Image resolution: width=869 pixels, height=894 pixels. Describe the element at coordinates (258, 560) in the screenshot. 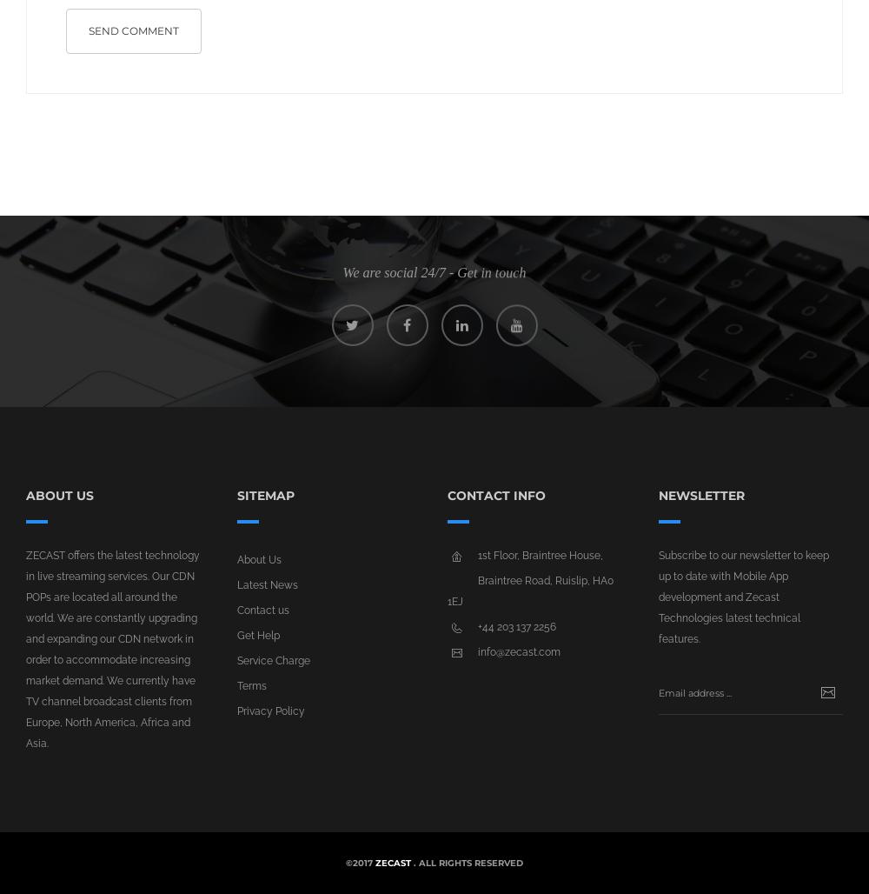

I see `'About Us'` at that location.